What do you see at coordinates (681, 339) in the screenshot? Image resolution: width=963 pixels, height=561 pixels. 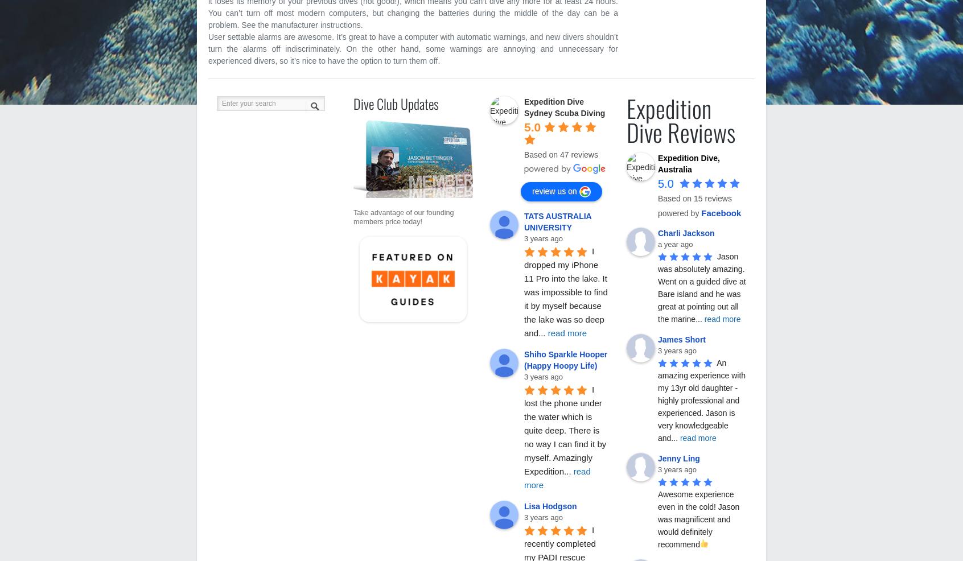 I see `'James Short'` at bounding box center [681, 339].